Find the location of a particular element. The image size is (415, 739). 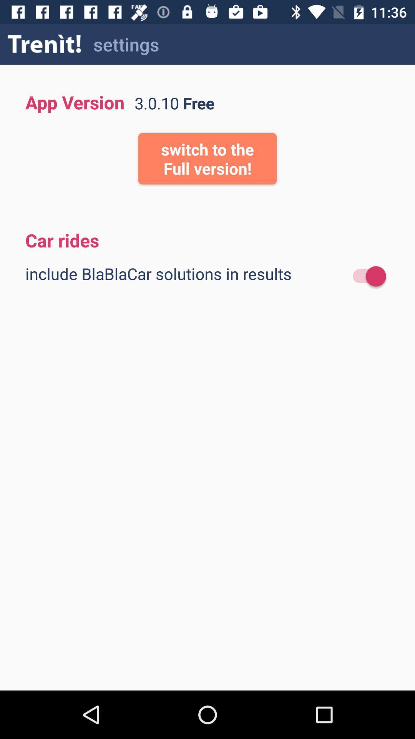

the item next to the settings icon is located at coordinates (45, 44).